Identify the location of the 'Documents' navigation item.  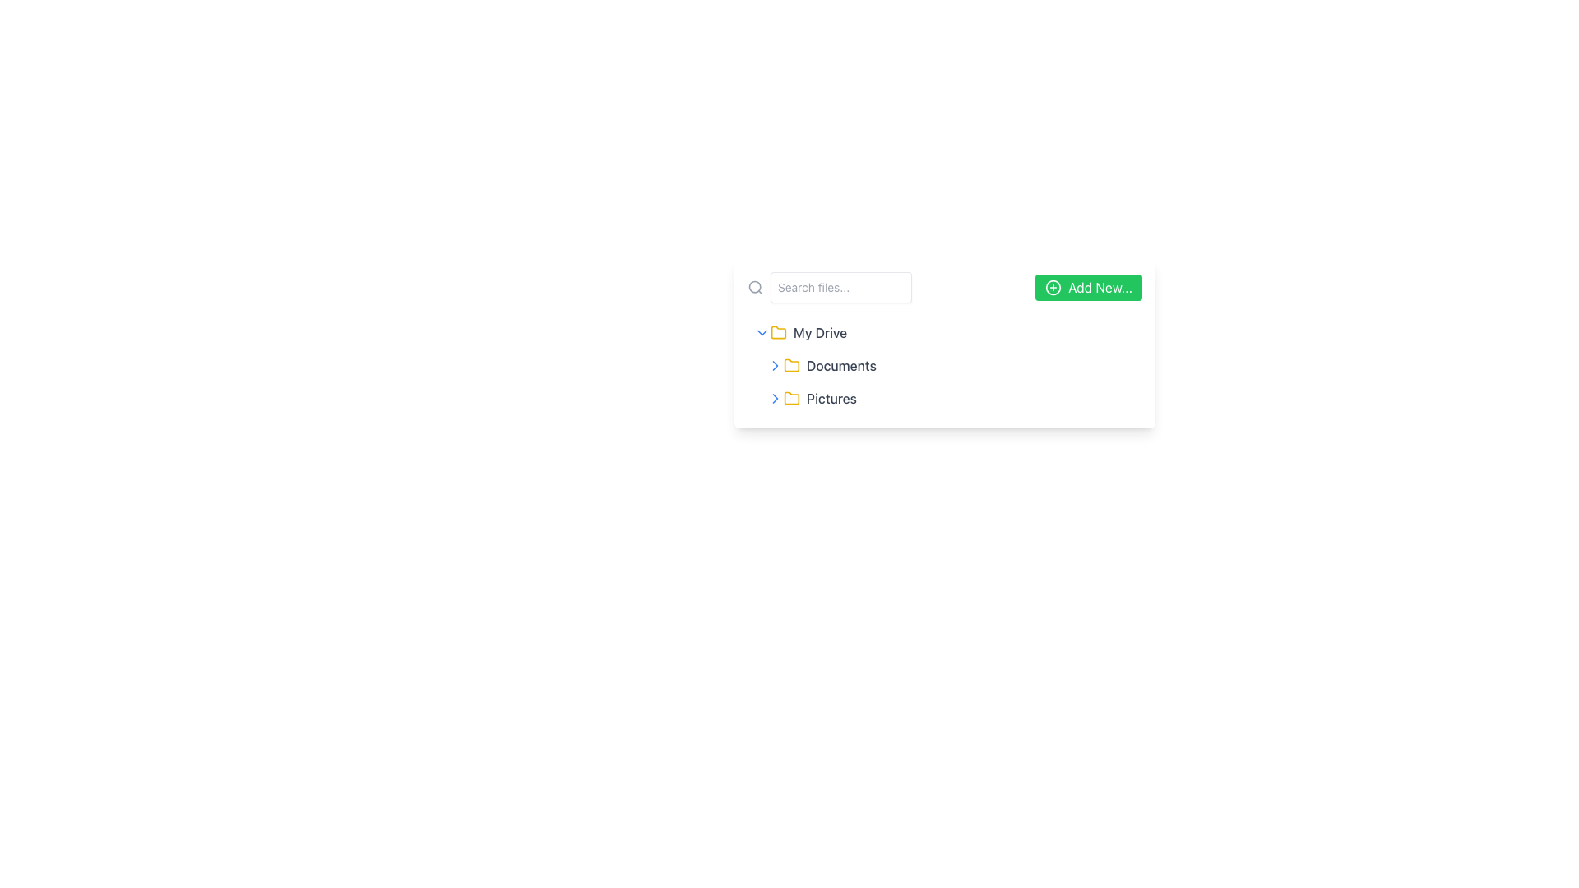
(944, 364).